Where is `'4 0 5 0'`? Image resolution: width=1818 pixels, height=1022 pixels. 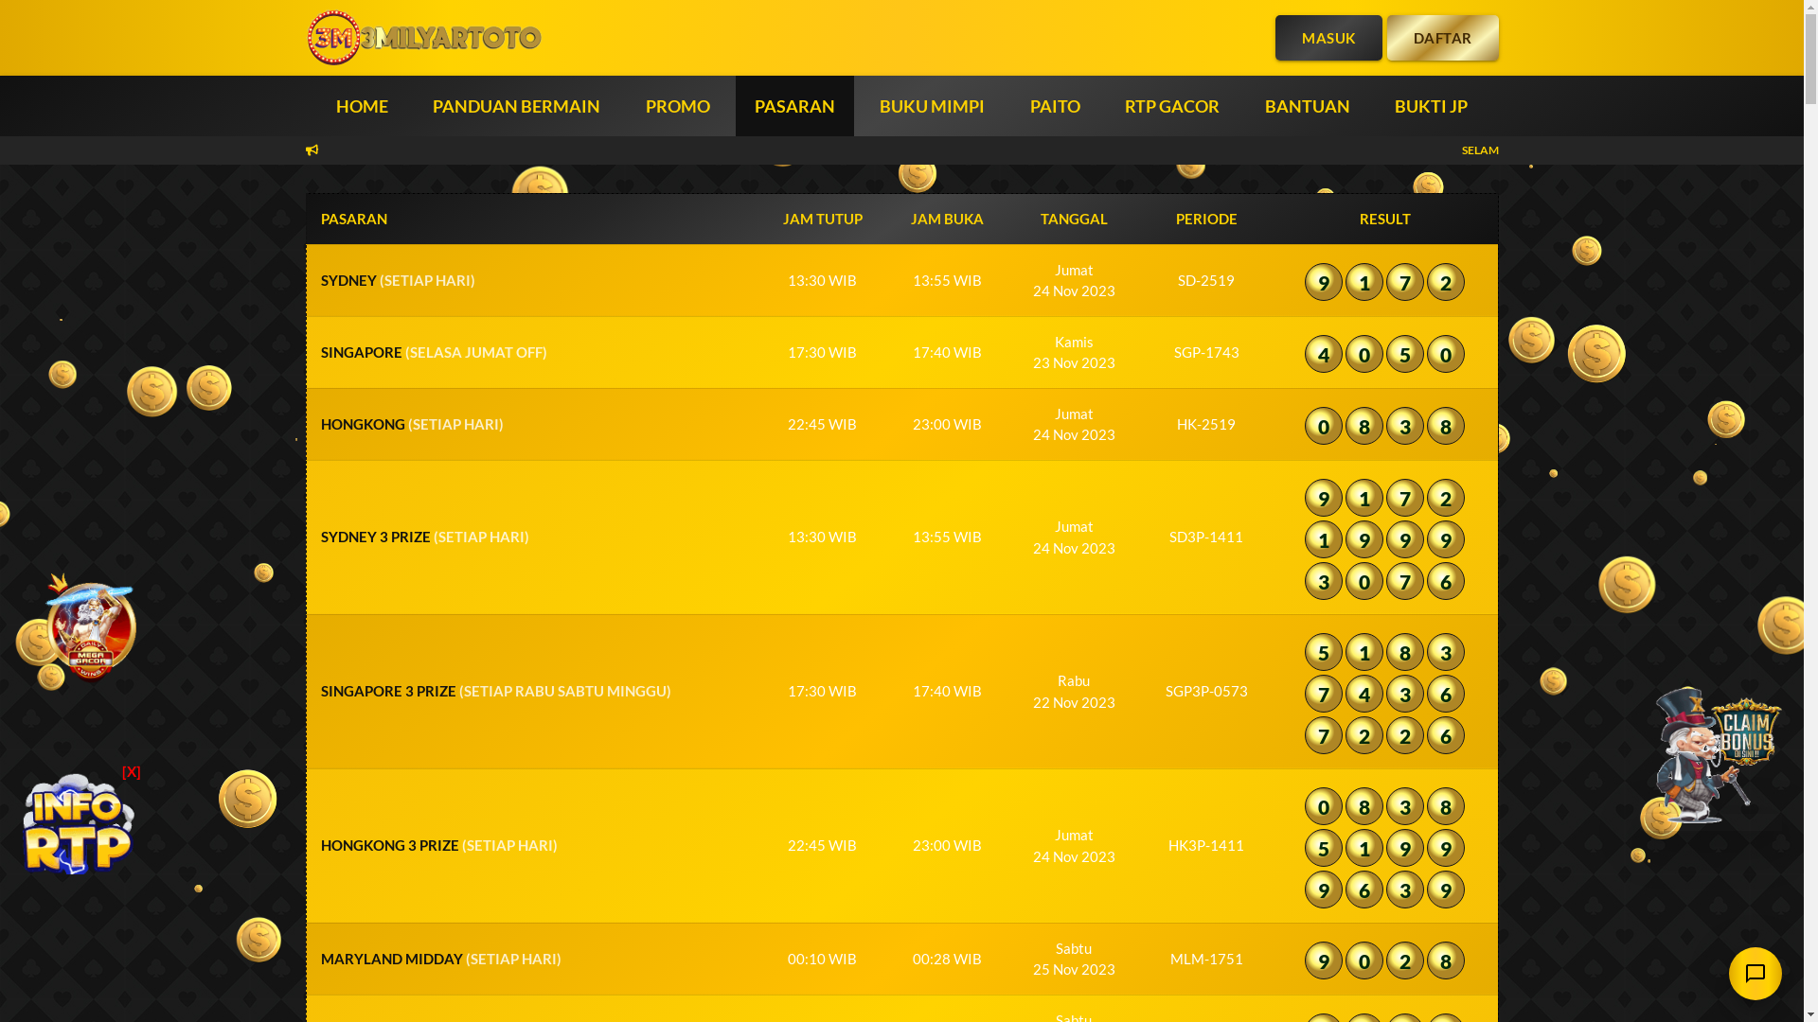
'4 0 5 0' is located at coordinates (1384, 357).